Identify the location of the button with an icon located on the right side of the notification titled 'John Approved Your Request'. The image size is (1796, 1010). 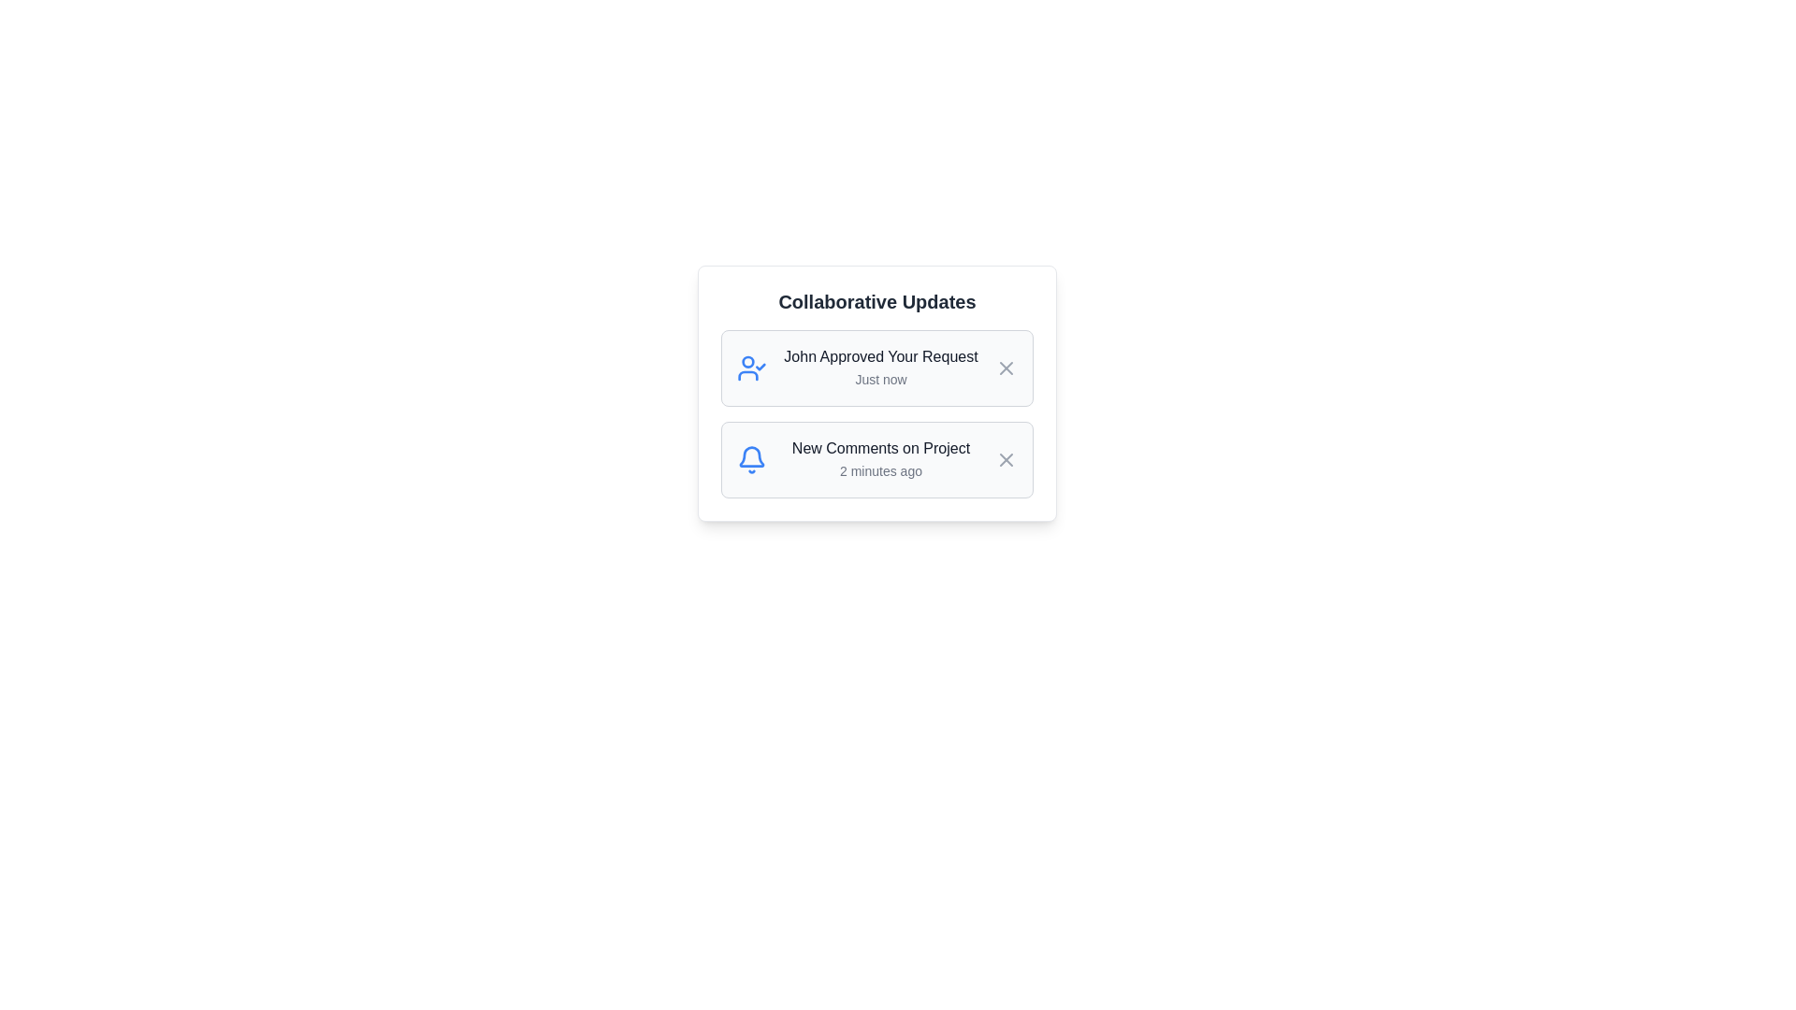
(1005, 368).